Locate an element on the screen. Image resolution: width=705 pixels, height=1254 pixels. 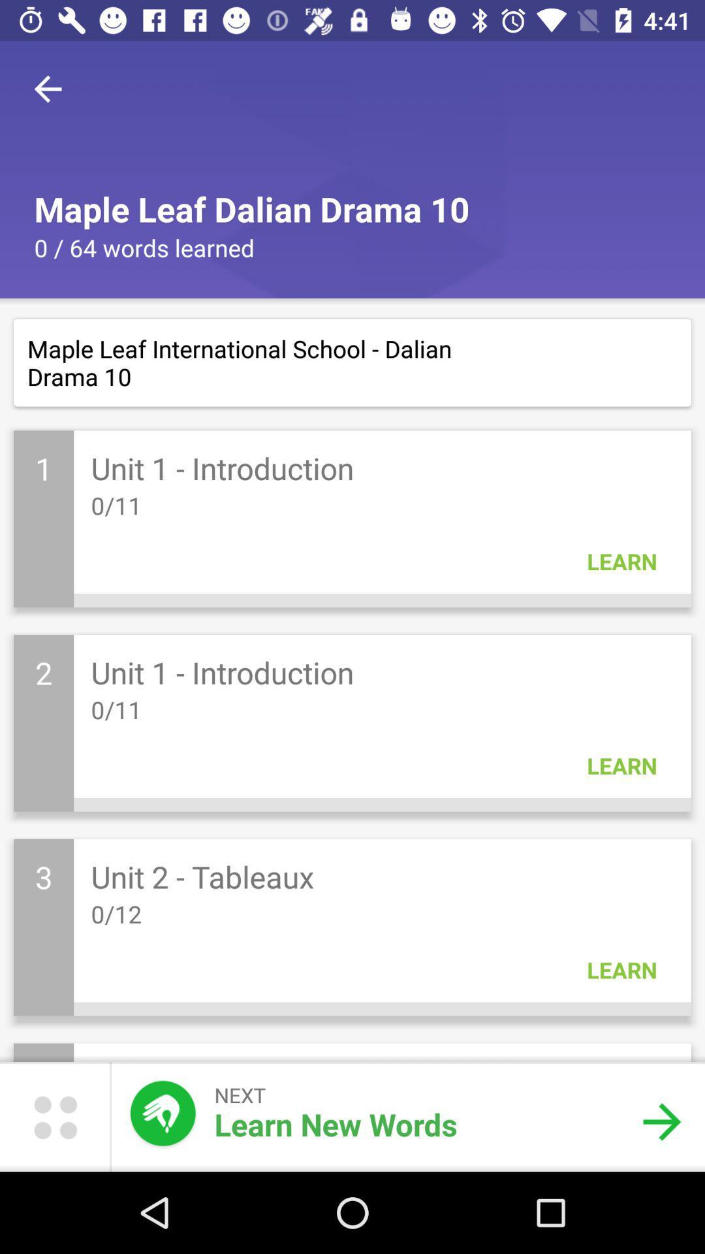
learn in the second block is located at coordinates (621, 765).